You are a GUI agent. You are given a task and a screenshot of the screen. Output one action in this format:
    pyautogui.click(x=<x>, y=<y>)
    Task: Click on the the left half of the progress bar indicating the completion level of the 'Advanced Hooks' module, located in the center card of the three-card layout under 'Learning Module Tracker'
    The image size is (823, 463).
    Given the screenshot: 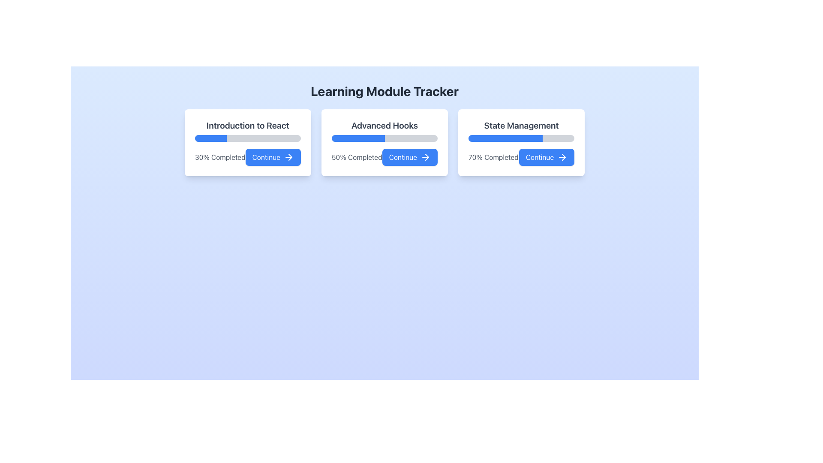 What is the action you would take?
    pyautogui.click(x=358, y=138)
    